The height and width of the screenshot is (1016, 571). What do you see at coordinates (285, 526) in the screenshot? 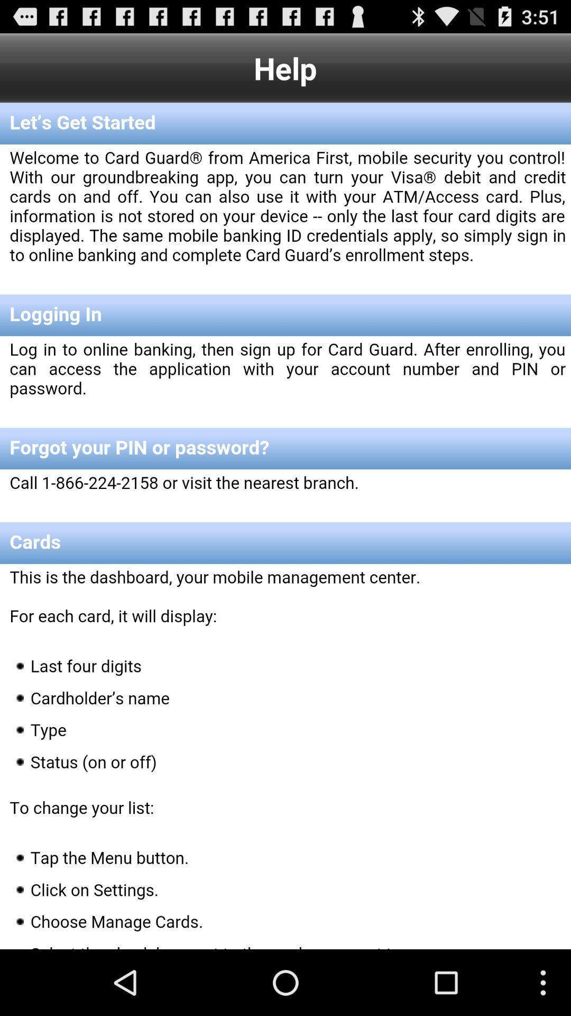
I see `text page` at bounding box center [285, 526].